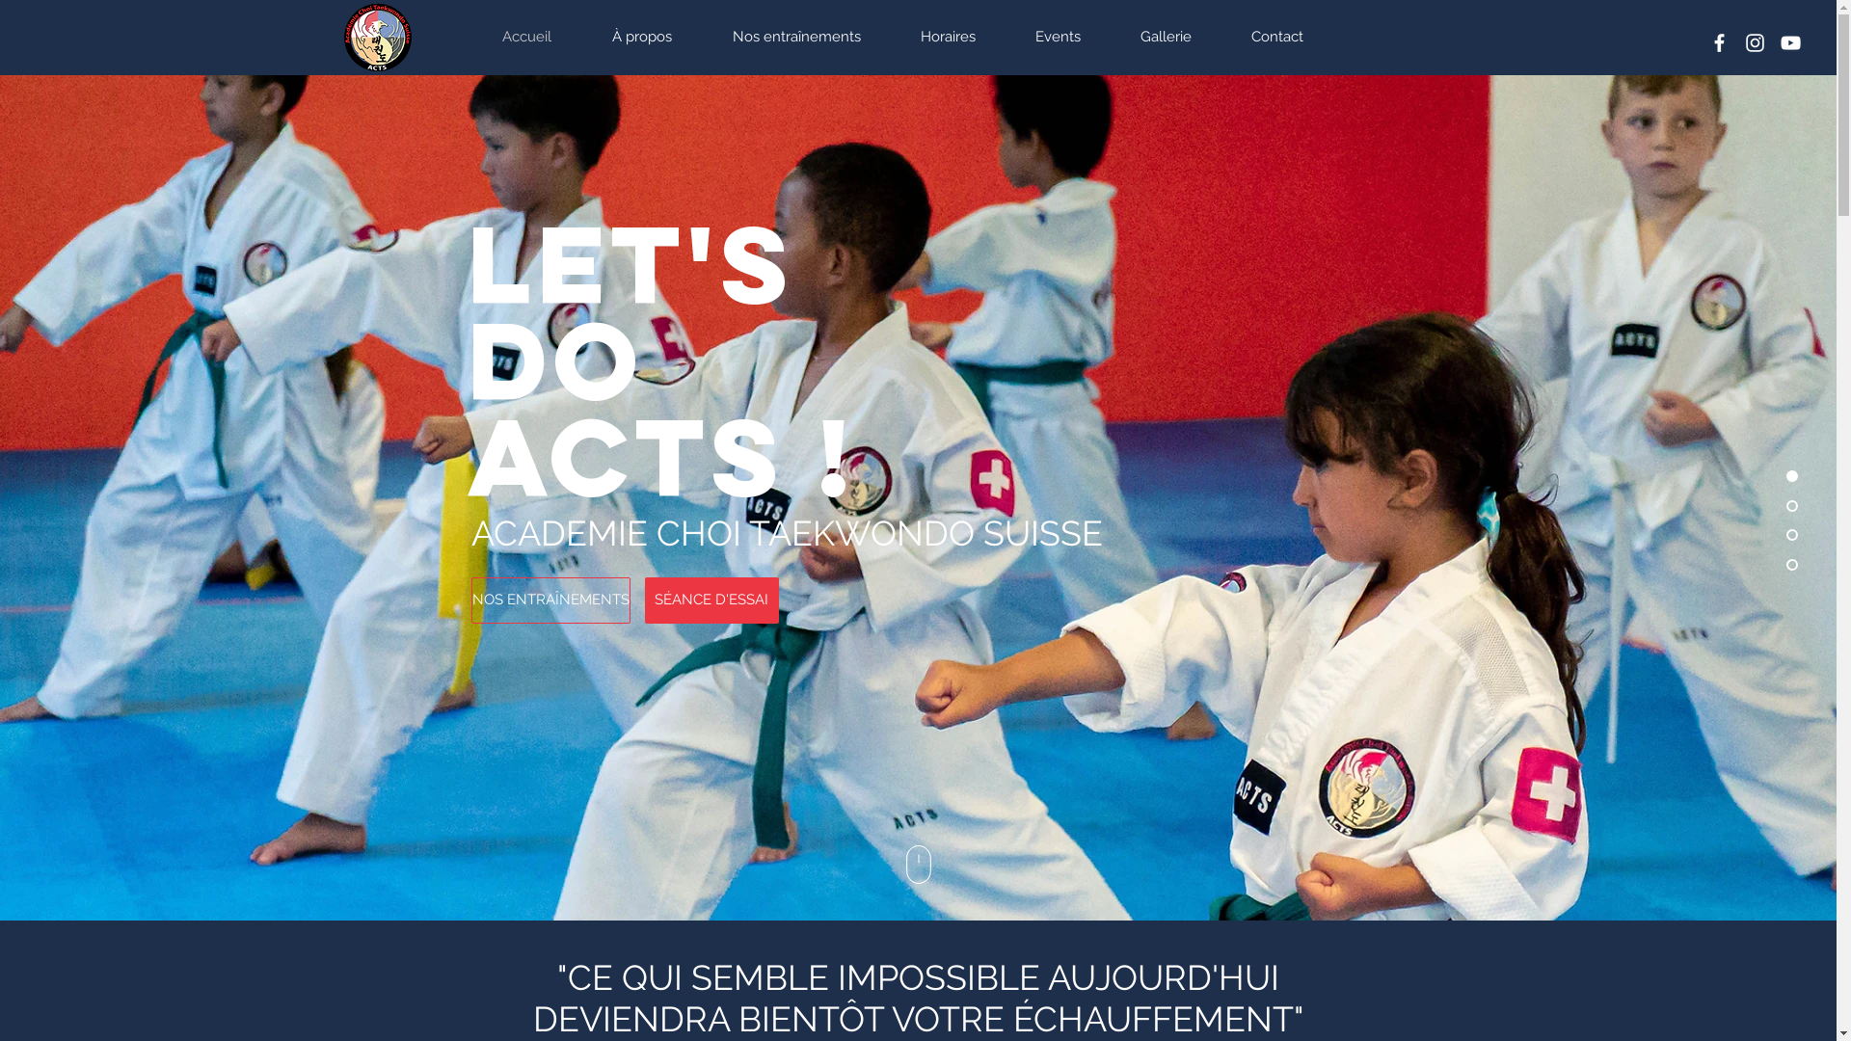  I want to click on 'Contact', so click(1291, 37).